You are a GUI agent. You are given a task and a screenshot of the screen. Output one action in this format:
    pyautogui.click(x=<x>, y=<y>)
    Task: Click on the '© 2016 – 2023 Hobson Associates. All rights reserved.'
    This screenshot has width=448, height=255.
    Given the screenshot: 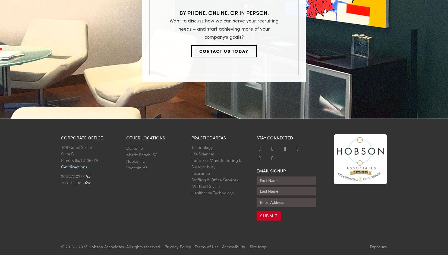 What is the action you would take?
    pyautogui.click(x=112, y=246)
    